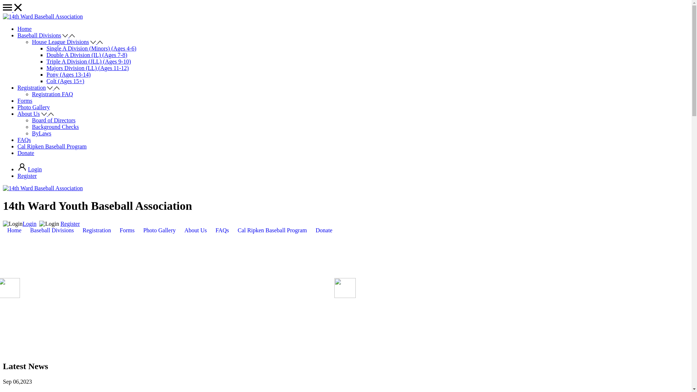  Describe the element at coordinates (24, 140) in the screenshot. I see `'FAQs'` at that location.